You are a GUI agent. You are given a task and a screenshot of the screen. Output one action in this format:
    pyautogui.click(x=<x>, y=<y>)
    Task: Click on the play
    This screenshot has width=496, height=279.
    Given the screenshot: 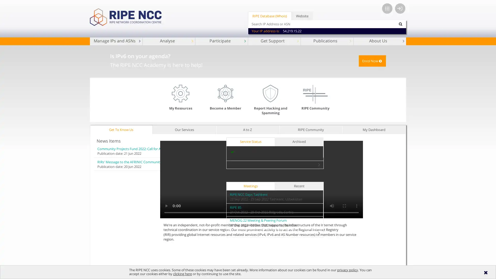 What is the action you would take?
    pyautogui.click(x=205, y=205)
    